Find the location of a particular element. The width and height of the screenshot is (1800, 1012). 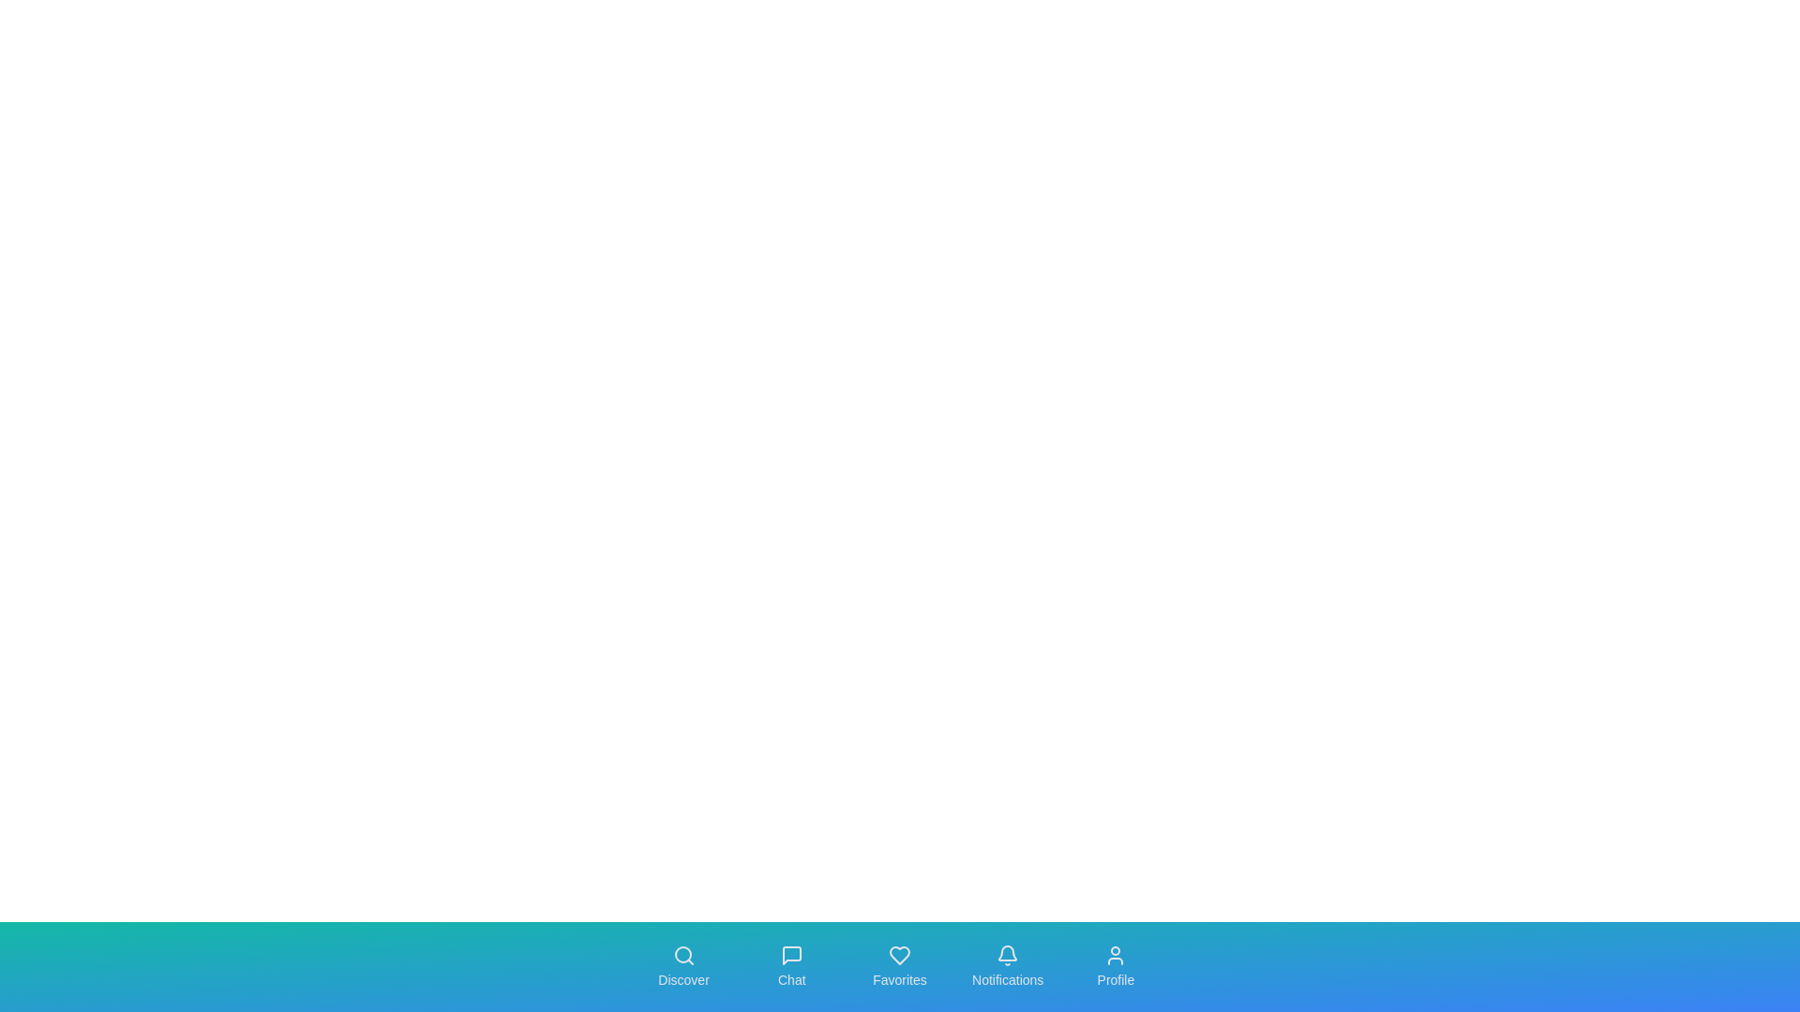

the navigation tab labeled Notifications is located at coordinates (1007, 967).